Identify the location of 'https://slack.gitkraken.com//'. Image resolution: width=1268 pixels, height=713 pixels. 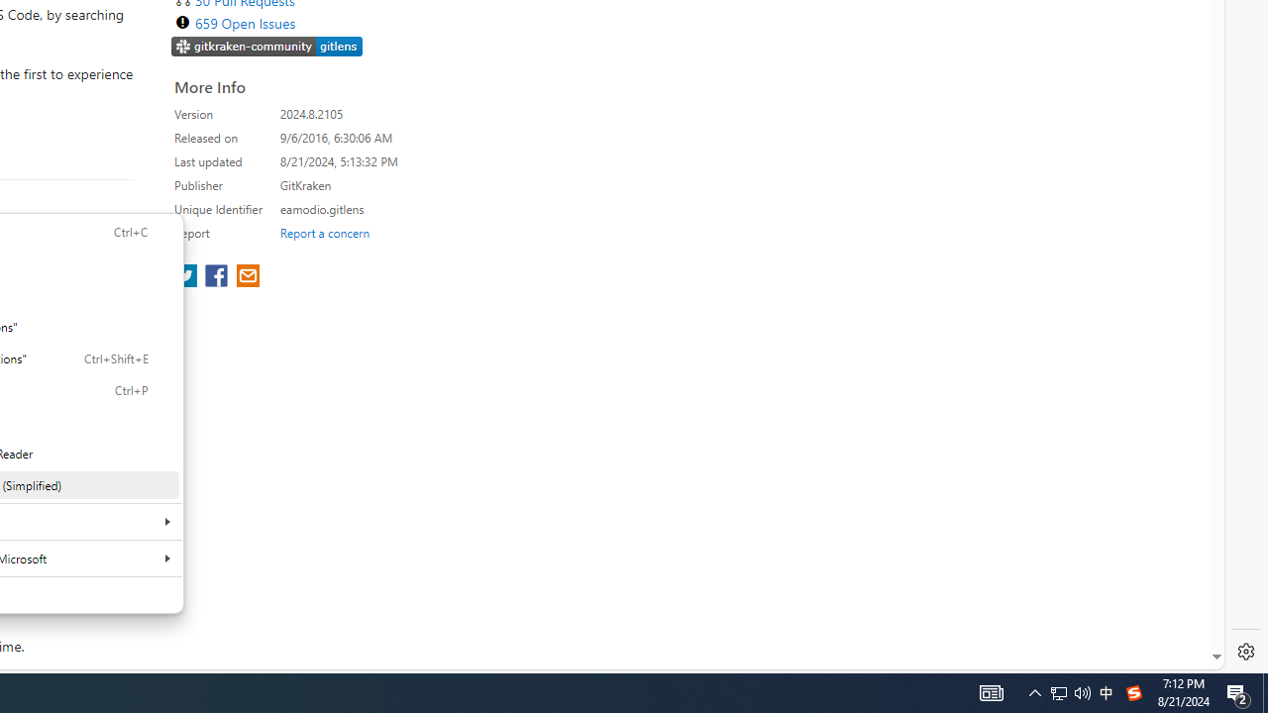
(266, 45).